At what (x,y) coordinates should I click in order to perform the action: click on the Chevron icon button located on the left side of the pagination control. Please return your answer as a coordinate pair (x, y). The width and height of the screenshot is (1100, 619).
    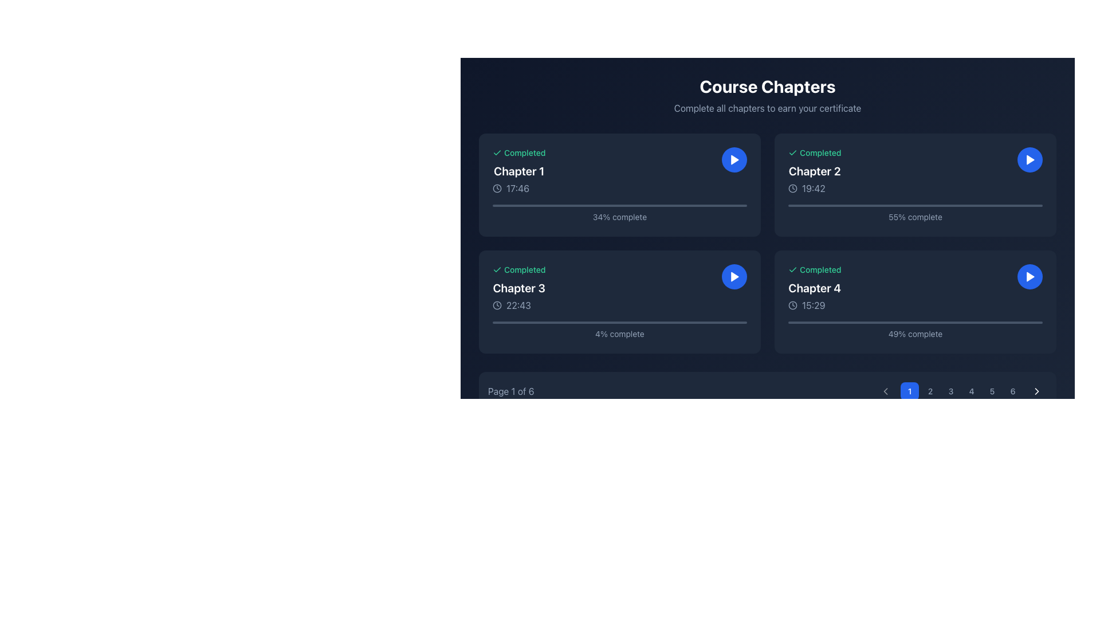
    Looking at the image, I should click on (885, 390).